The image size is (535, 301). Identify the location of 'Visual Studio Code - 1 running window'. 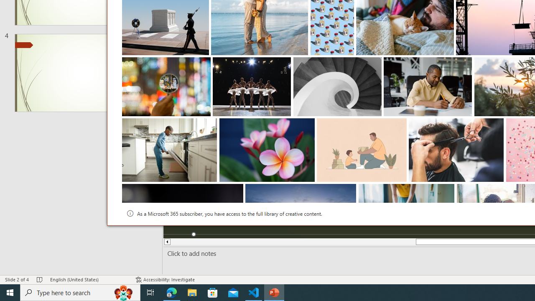
(253, 292).